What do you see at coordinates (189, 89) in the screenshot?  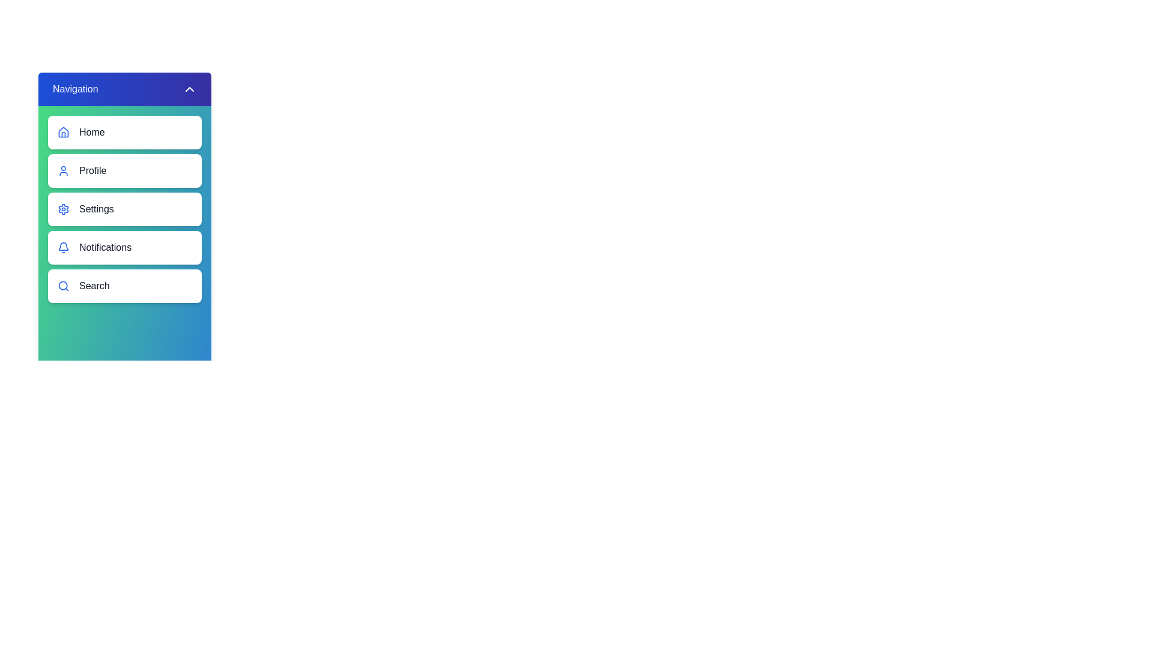 I see `the chevron icon button located at the top right corner of the navigation header` at bounding box center [189, 89].